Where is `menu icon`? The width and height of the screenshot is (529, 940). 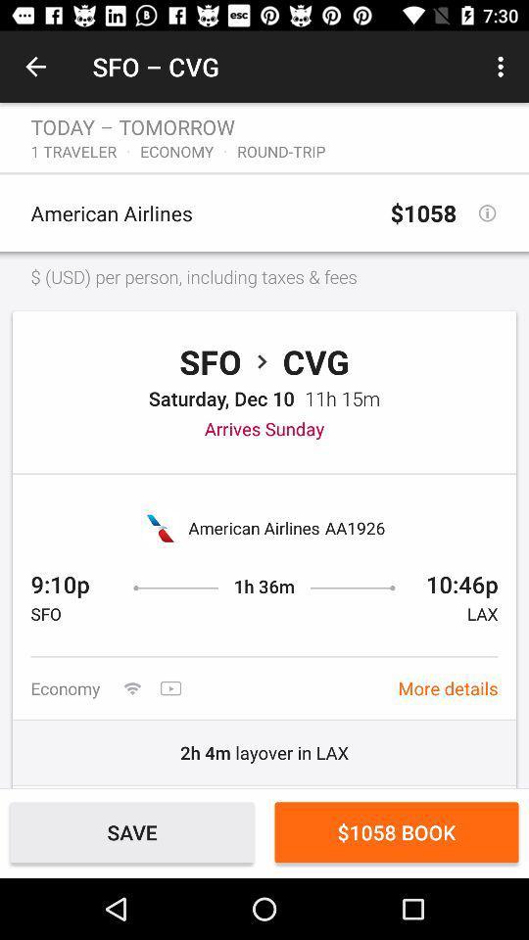 menu icon is located at coordinates (504, 67).